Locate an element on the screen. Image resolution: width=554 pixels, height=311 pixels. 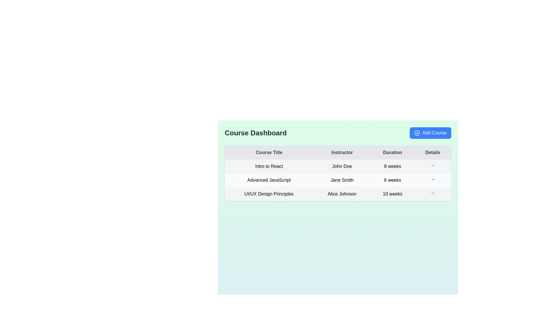
the Table Header Row that labels the columns of the course information table, located at the top of the table layout is located at coordinates (338, 152).